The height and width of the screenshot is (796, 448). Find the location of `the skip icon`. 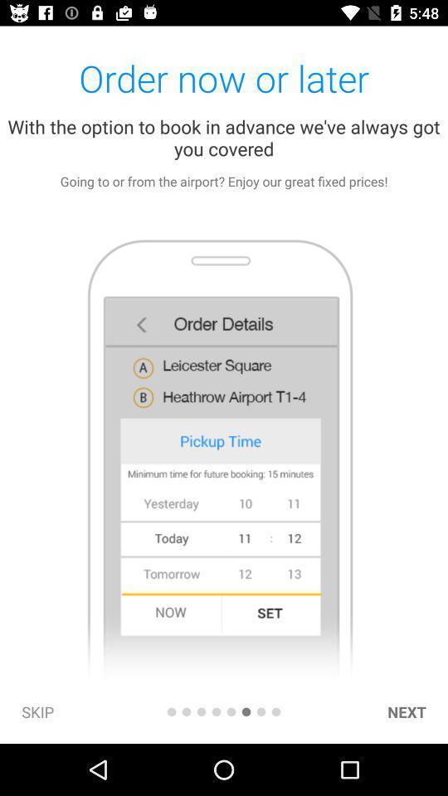

the skip icon is located at coordinates (37, 711).